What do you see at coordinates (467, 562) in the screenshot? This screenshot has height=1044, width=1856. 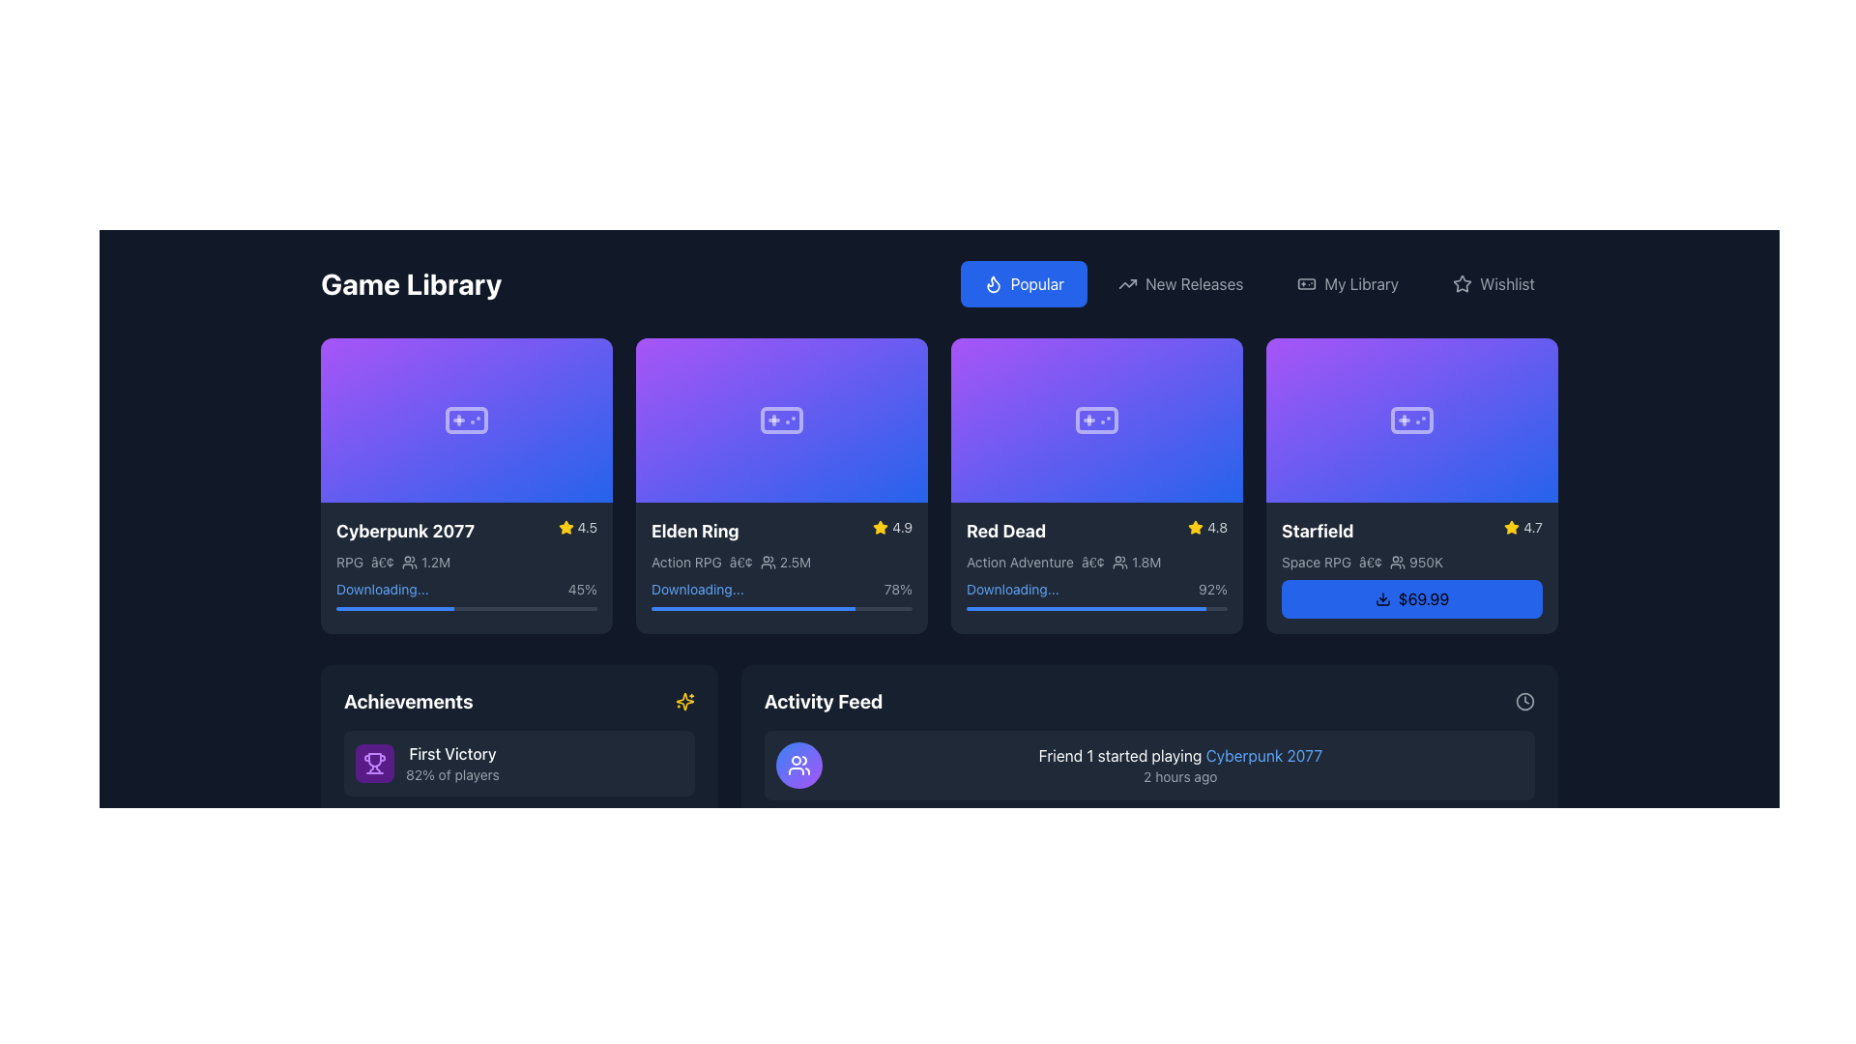 I see `displayed information of the 'Cyberpunk 2077' game meta-information section located in the description area below the title and star rating` at bounding box center [467, 562].